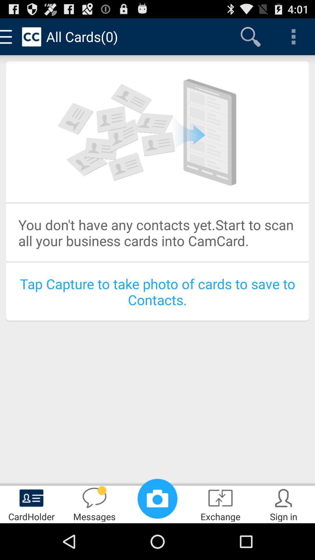 The height and width of the screenshot is (560, 315). Describe the element at coordinates (283, 503) in the screenshot. I see `app next to exchange` at that location.